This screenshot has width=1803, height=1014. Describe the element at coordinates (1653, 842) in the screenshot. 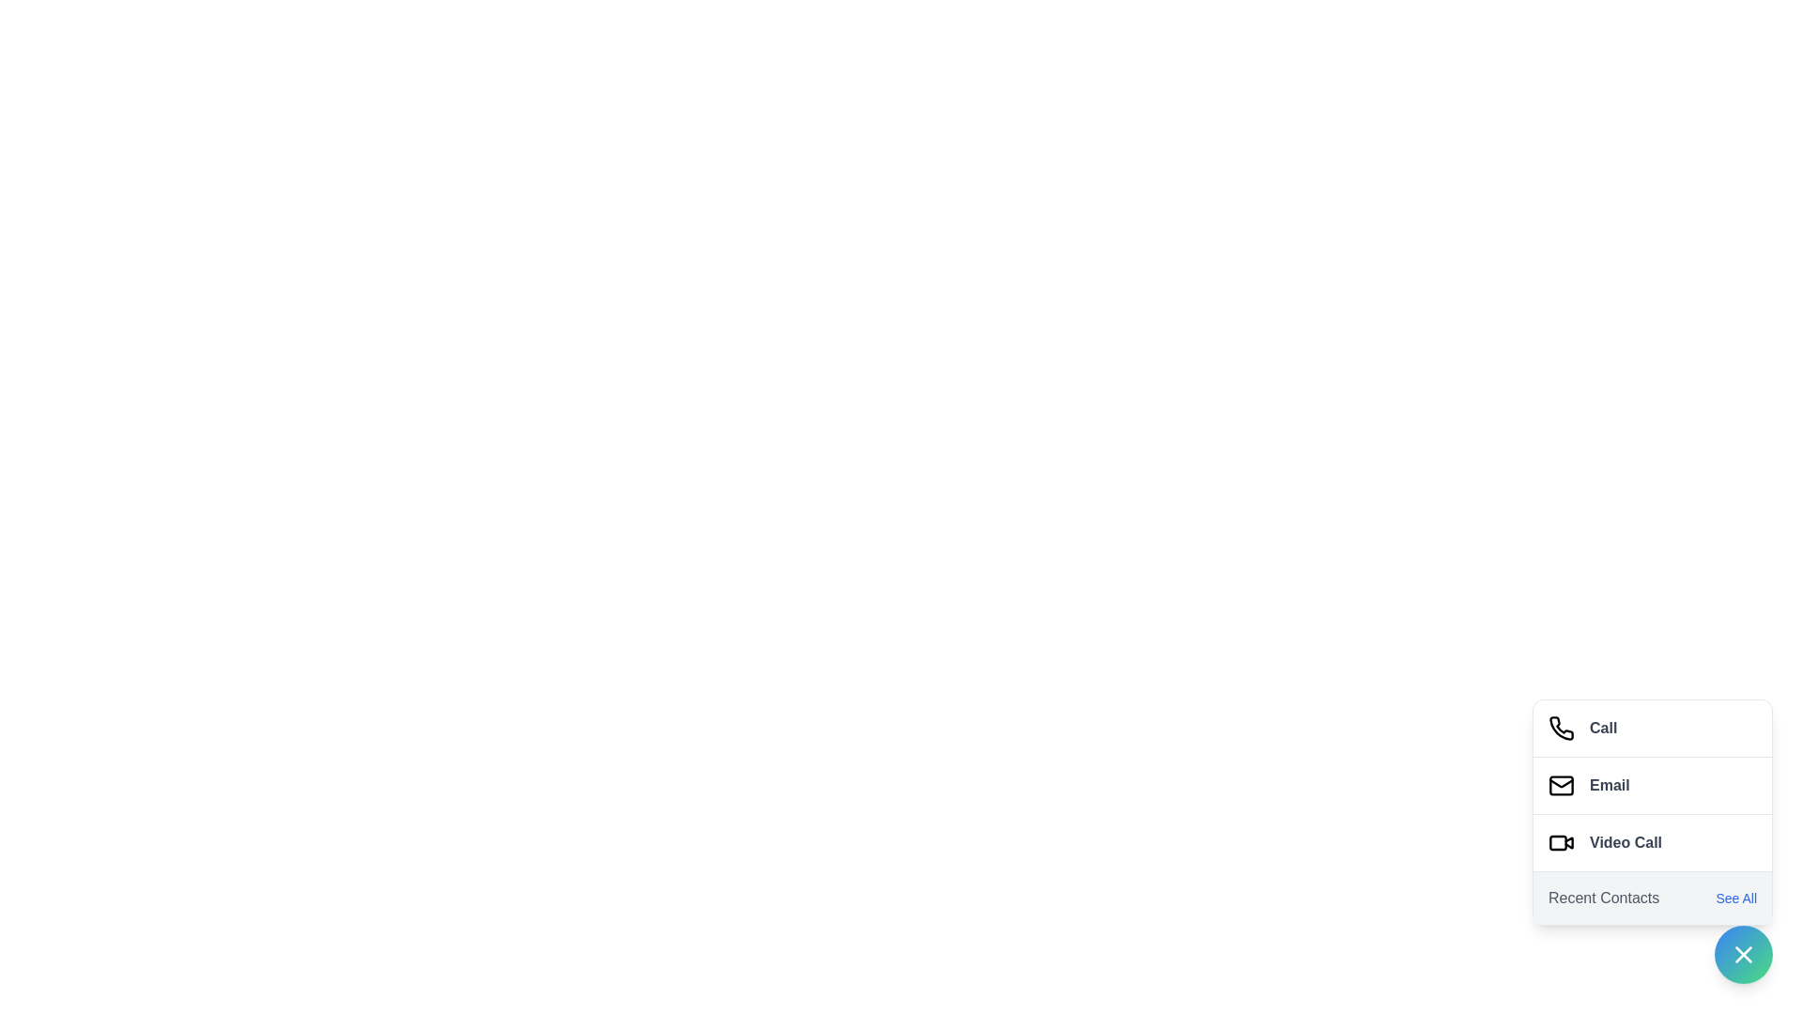

I see `the 'Video Call' button to start a video call` at that location.